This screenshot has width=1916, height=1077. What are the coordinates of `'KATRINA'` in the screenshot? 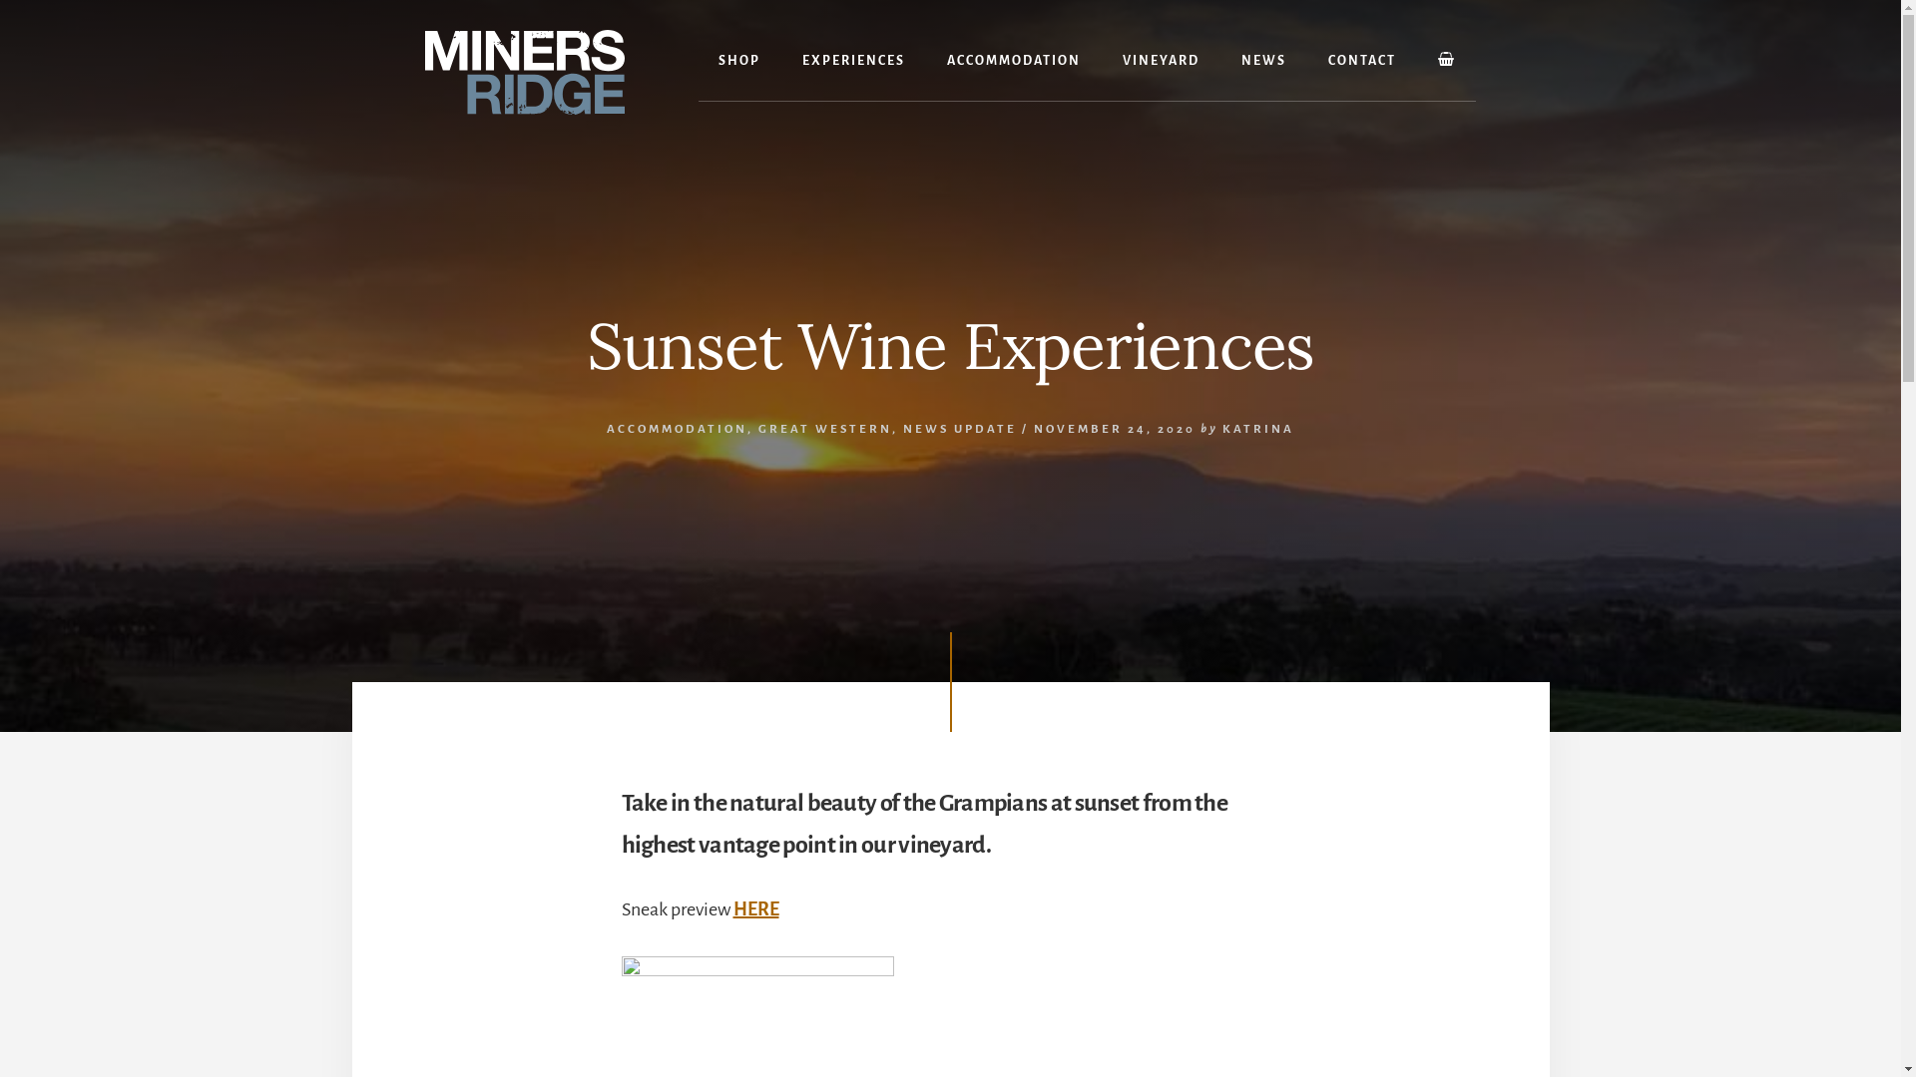 It's located at (1220, 428).